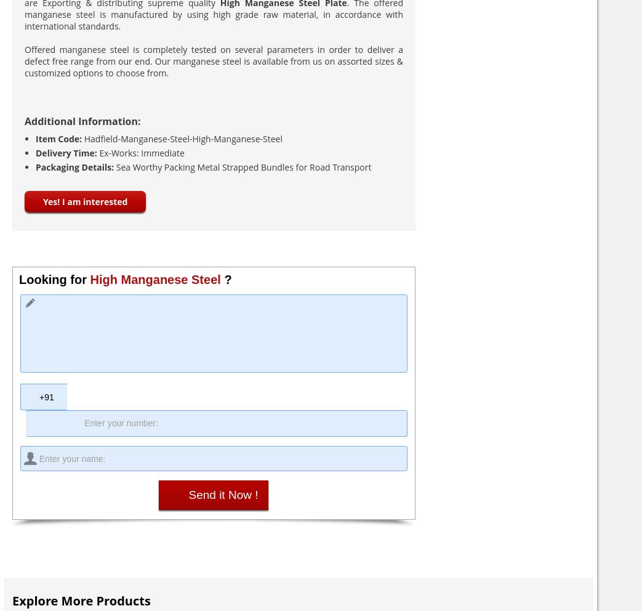  I want to click on 'Explore More Products', so click(81, 601).